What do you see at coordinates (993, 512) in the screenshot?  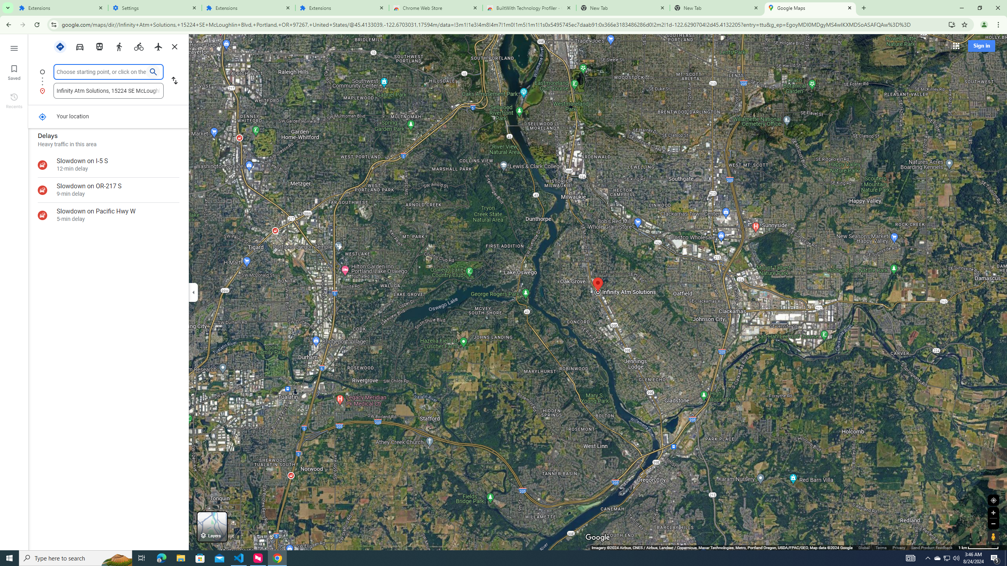 I see `'Zoom in'` at bounding box center [993, 512].